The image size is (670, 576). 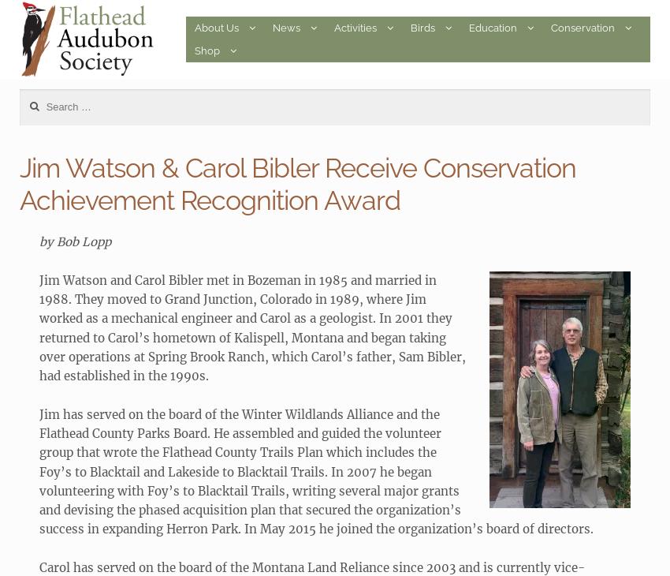 What do you see at coordinates (18, 183) in the screenshot?
I see `'Jim Watson & Carol Bibler Receive Conservation Achievement Recognition Award'` at bounding box center [18, 183].